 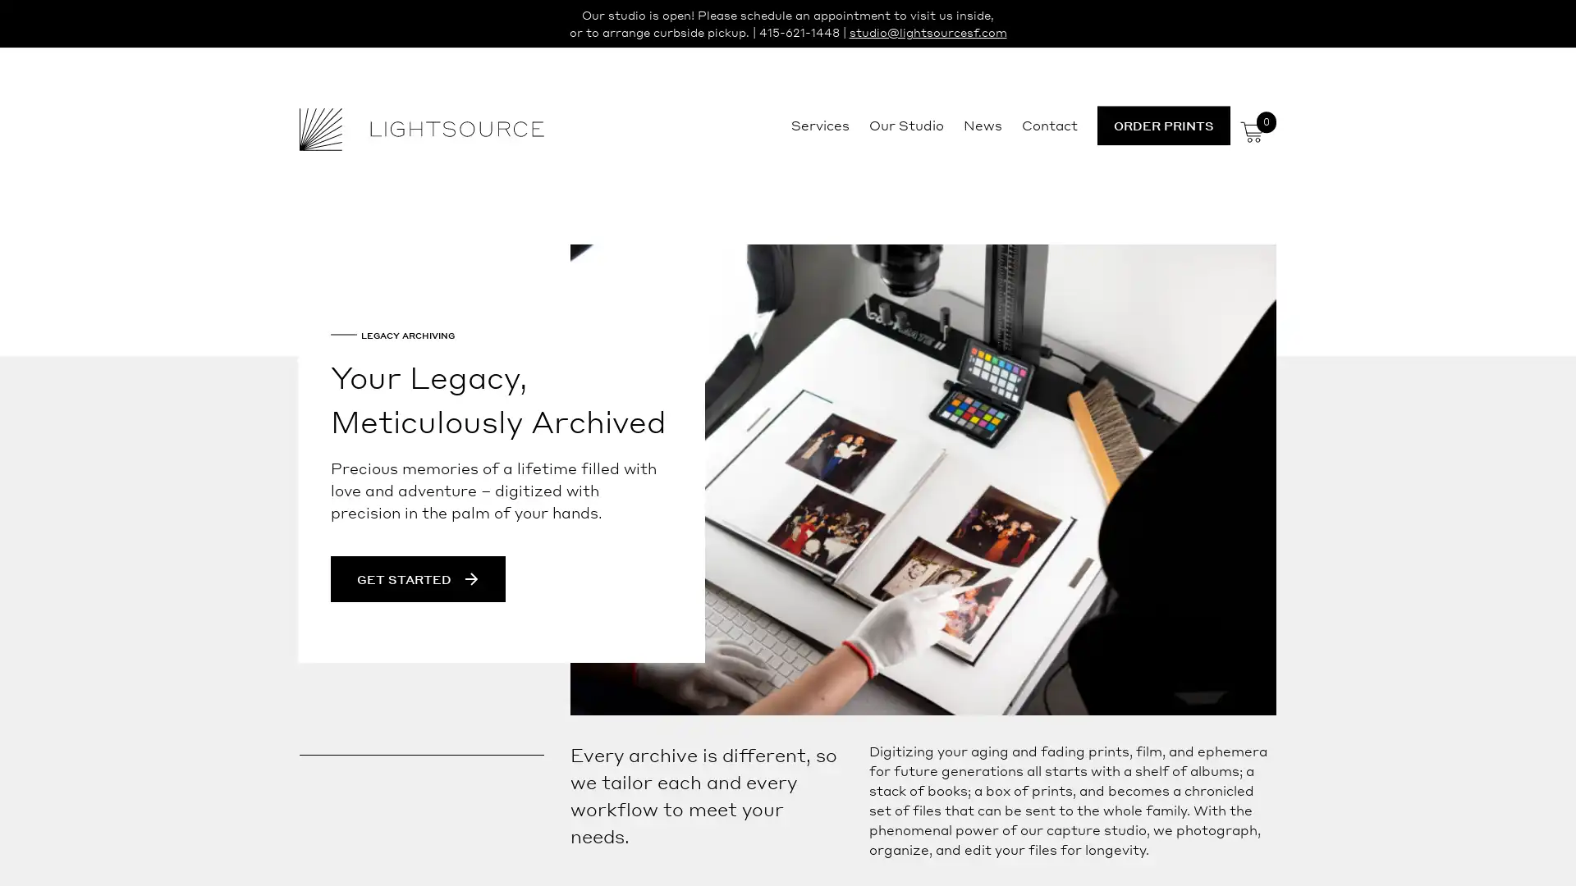 I want to click on Sign up, so click(x=941, y=571).